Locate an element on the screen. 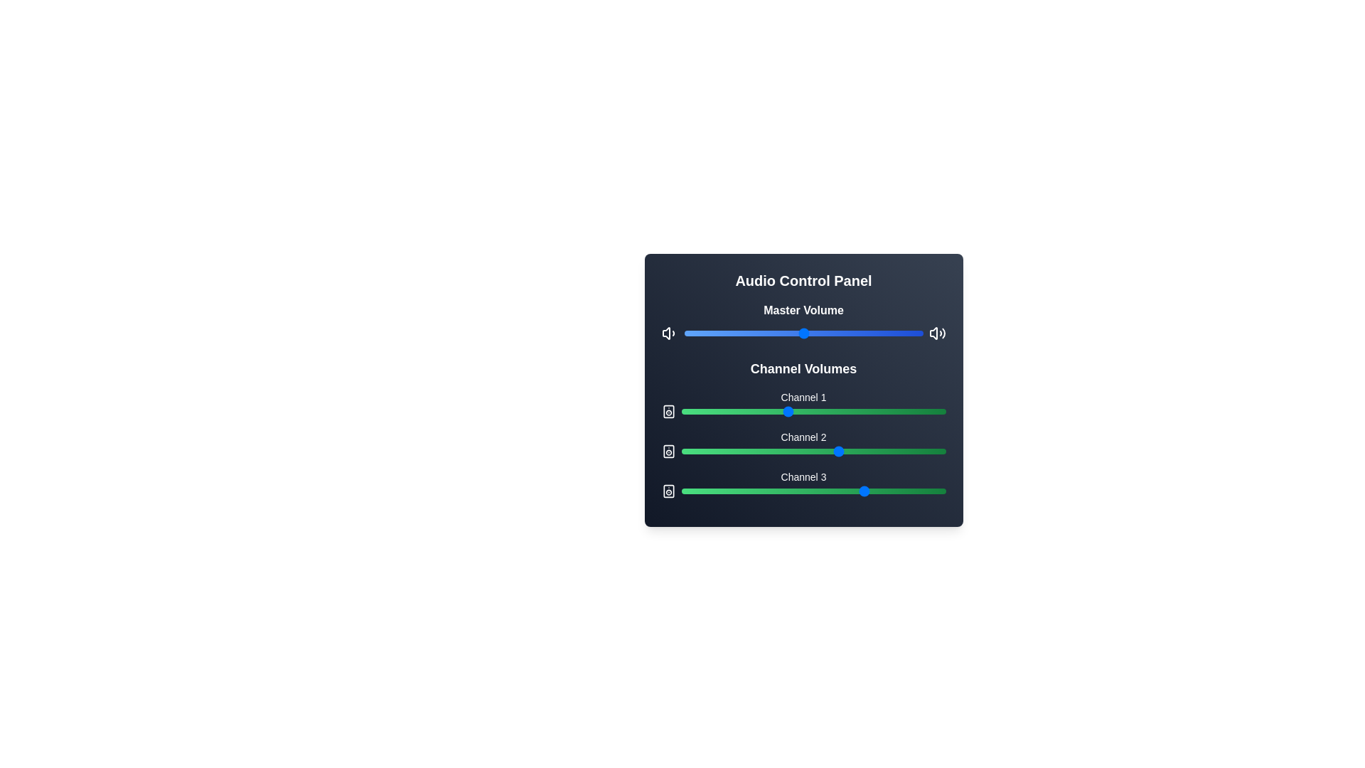 This screenshot has height=768, width=1365. the 'Channel 3' volume slider is located at coordinates (938, 487).